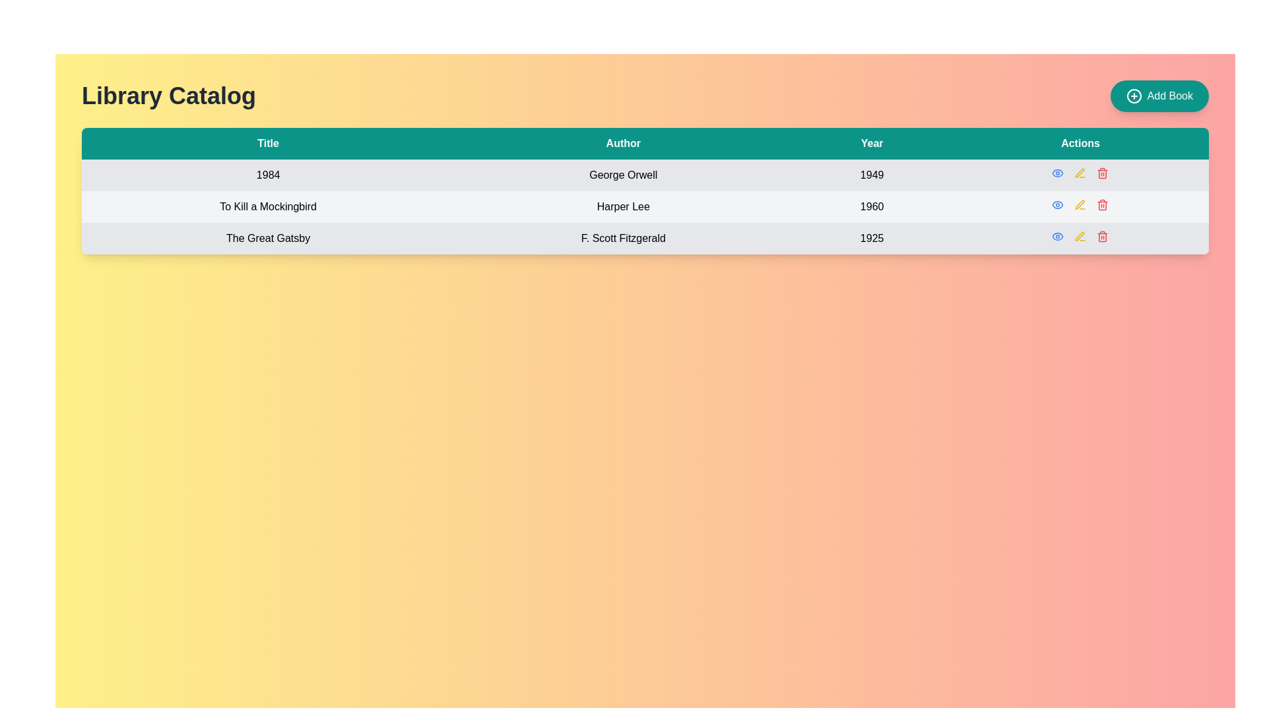 Image resolution: width=1267 pixels, height=712 pixels. Describe the element at coordinates (1080, 172) in the screenshot. I see `the yellow edit icon button for the book '1984' by George Orwell to trigger the hover effect` at that location.